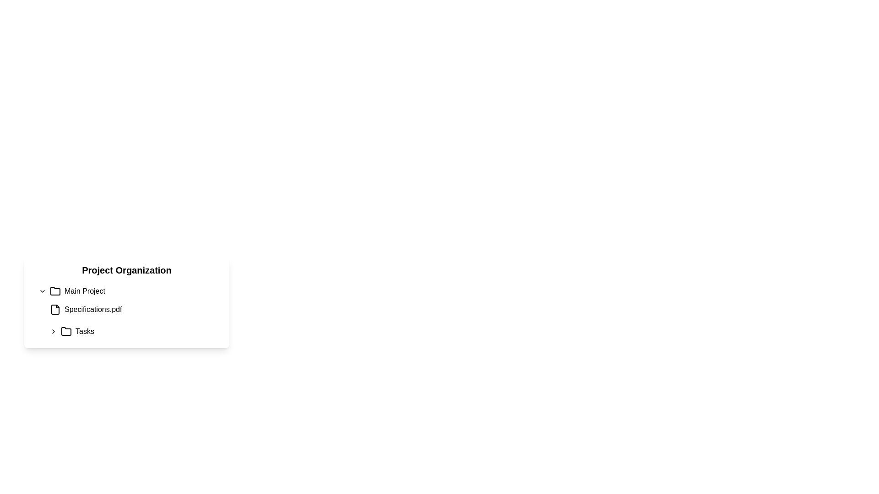  I want to click on the file icon representing 'Specifications.pdf', so click(54, 309).